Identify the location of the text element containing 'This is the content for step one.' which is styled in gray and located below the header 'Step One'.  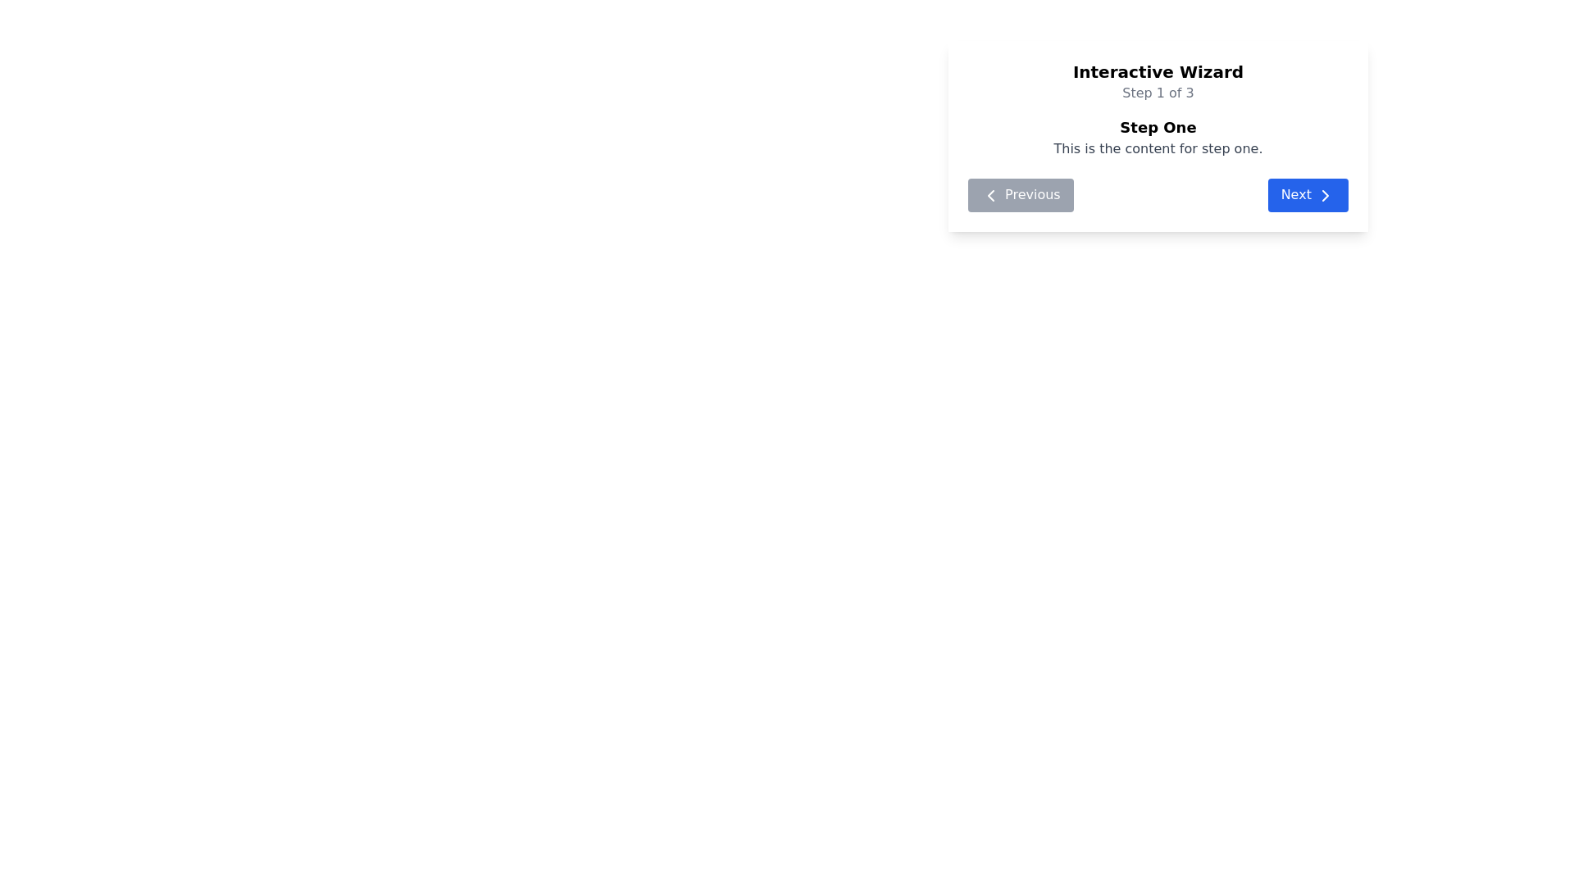
(1157, 148).